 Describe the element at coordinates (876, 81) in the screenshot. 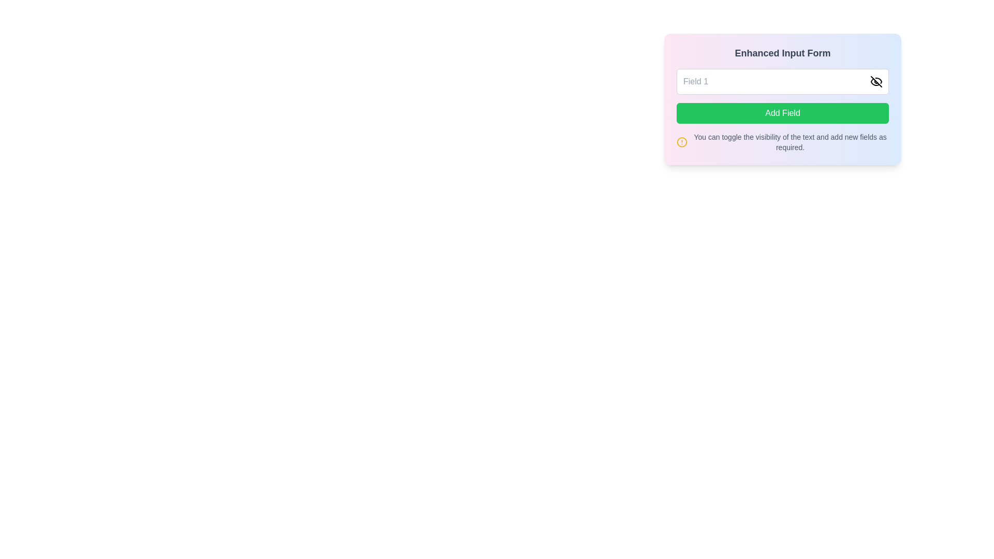

I see `the visibility toggle icon located to the far right of the text-input field labeled 'Field 1'` at that location.